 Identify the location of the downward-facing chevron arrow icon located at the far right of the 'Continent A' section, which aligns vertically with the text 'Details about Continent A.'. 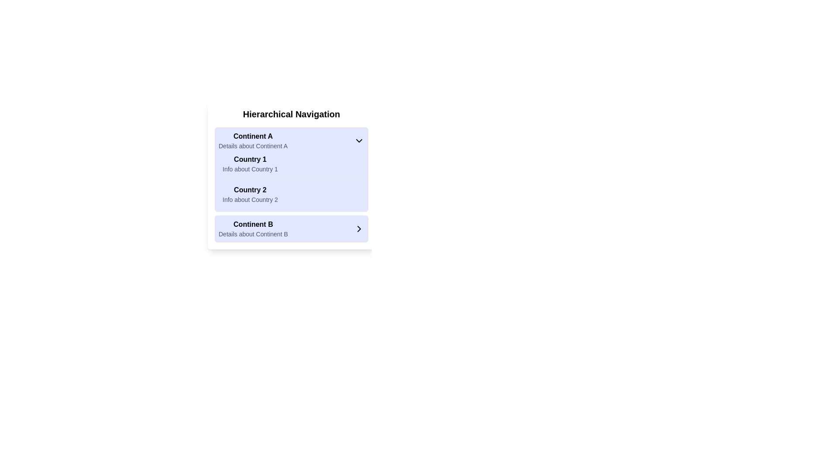
(359, 140).